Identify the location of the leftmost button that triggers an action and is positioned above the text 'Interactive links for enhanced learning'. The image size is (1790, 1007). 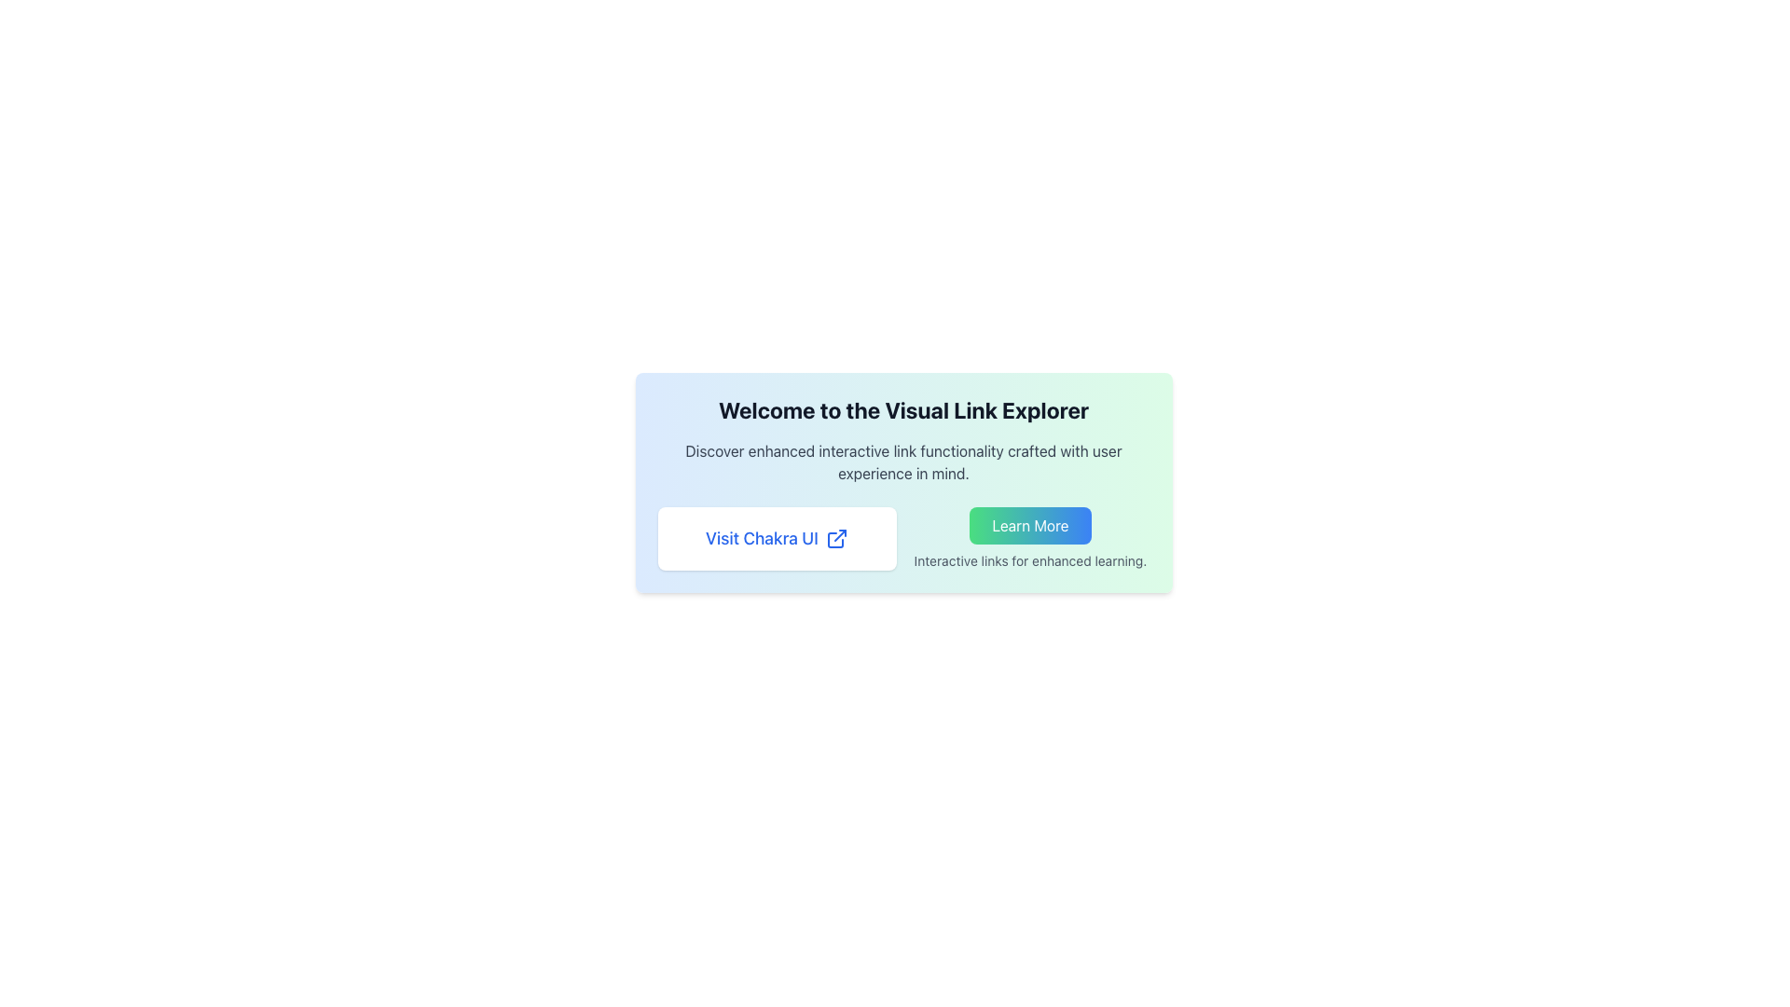
(1029, 525).